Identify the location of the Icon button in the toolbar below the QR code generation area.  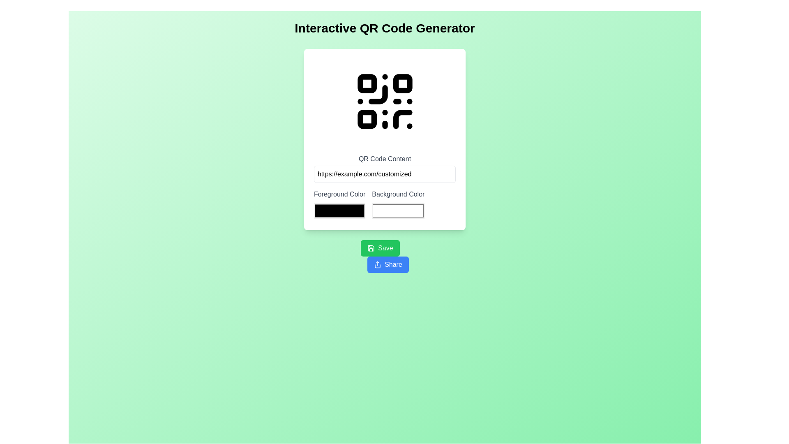
(371, 248).